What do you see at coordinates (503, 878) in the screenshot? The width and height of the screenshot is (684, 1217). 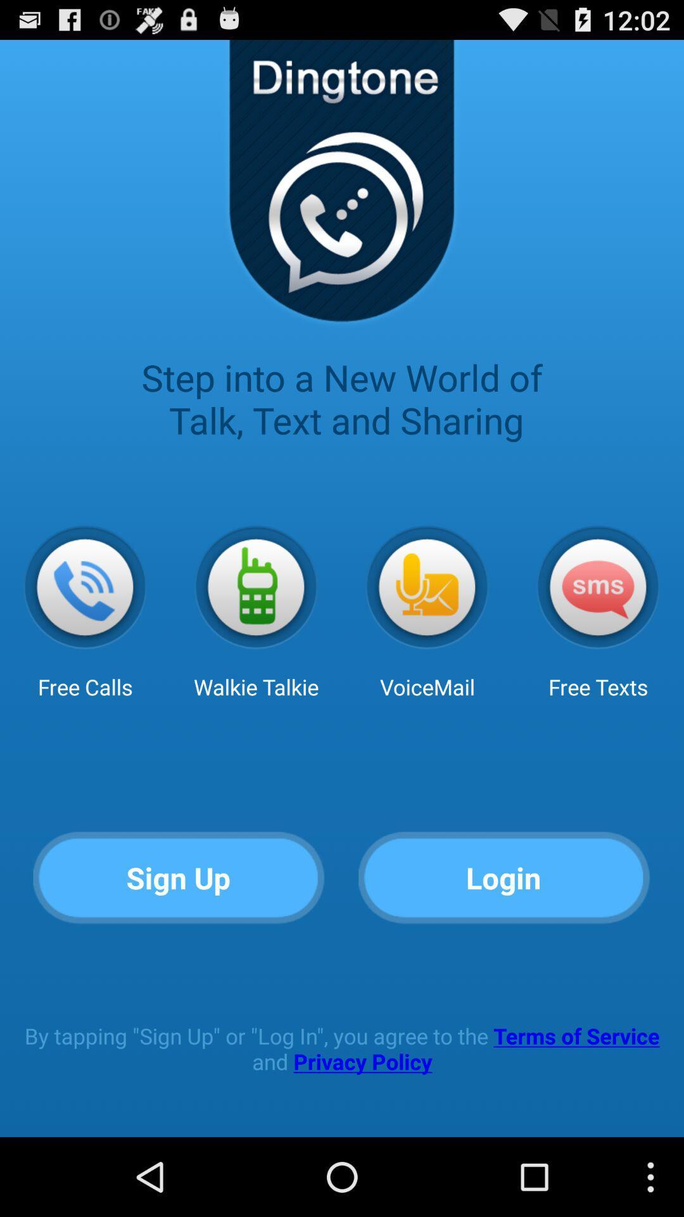 I see `app below voicemail` at bounding box center [503, 878].